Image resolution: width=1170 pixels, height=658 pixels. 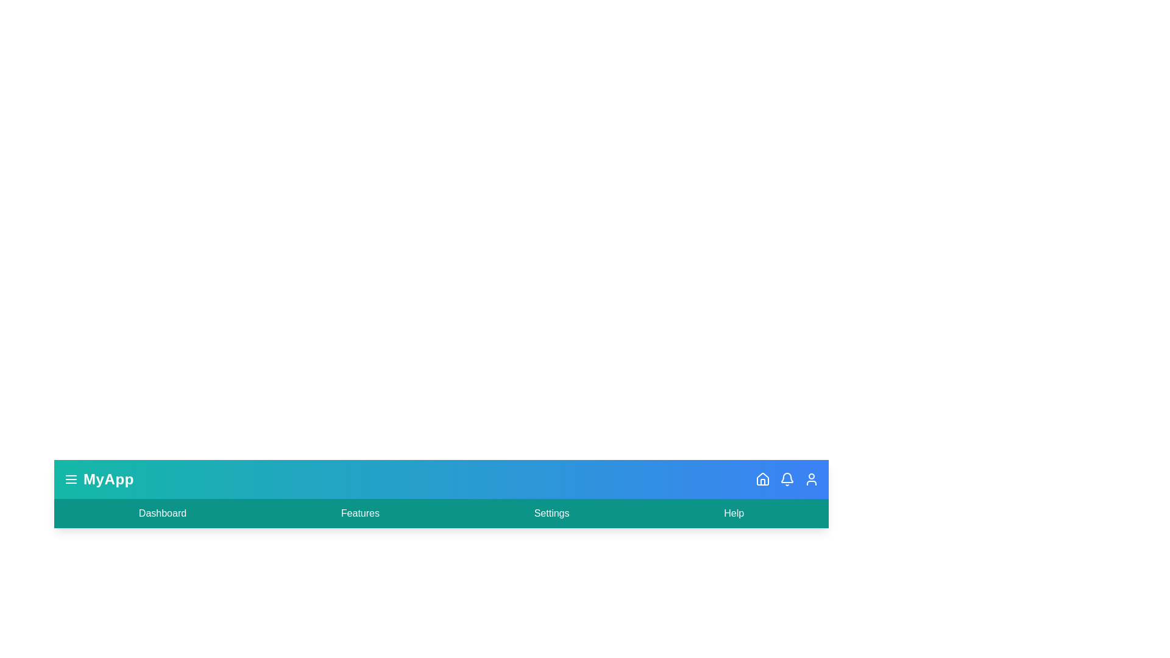 What do you see at coordinates (551, 514) in the screenshot?
I see `the 'Settings' option in the navbar` at bounding box center [551, 514].